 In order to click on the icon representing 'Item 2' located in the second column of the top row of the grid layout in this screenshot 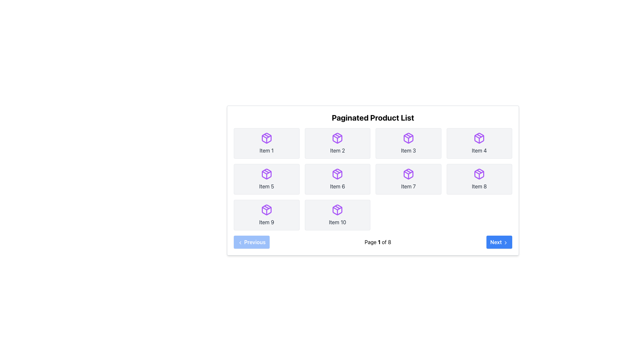, I will do `click(337, 138)`.